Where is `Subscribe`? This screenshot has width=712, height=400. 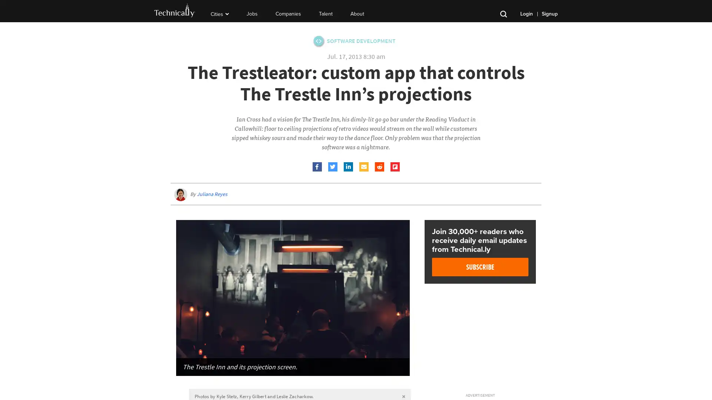
Subscribe is located at coordinates (480, 267).